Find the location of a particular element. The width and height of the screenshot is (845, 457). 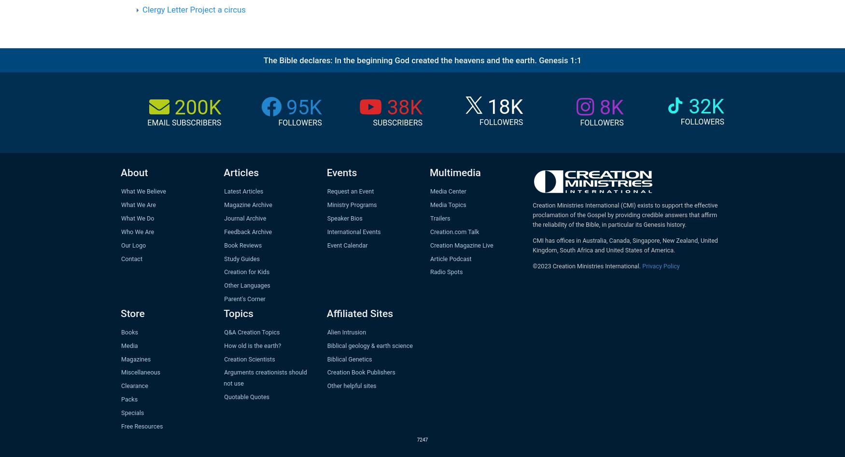

'CMI has offices in Australia, Canada, Singapore, New Zealand, United Kingdom, South Africa and United States of America.' is located at coordinates (624, 245).